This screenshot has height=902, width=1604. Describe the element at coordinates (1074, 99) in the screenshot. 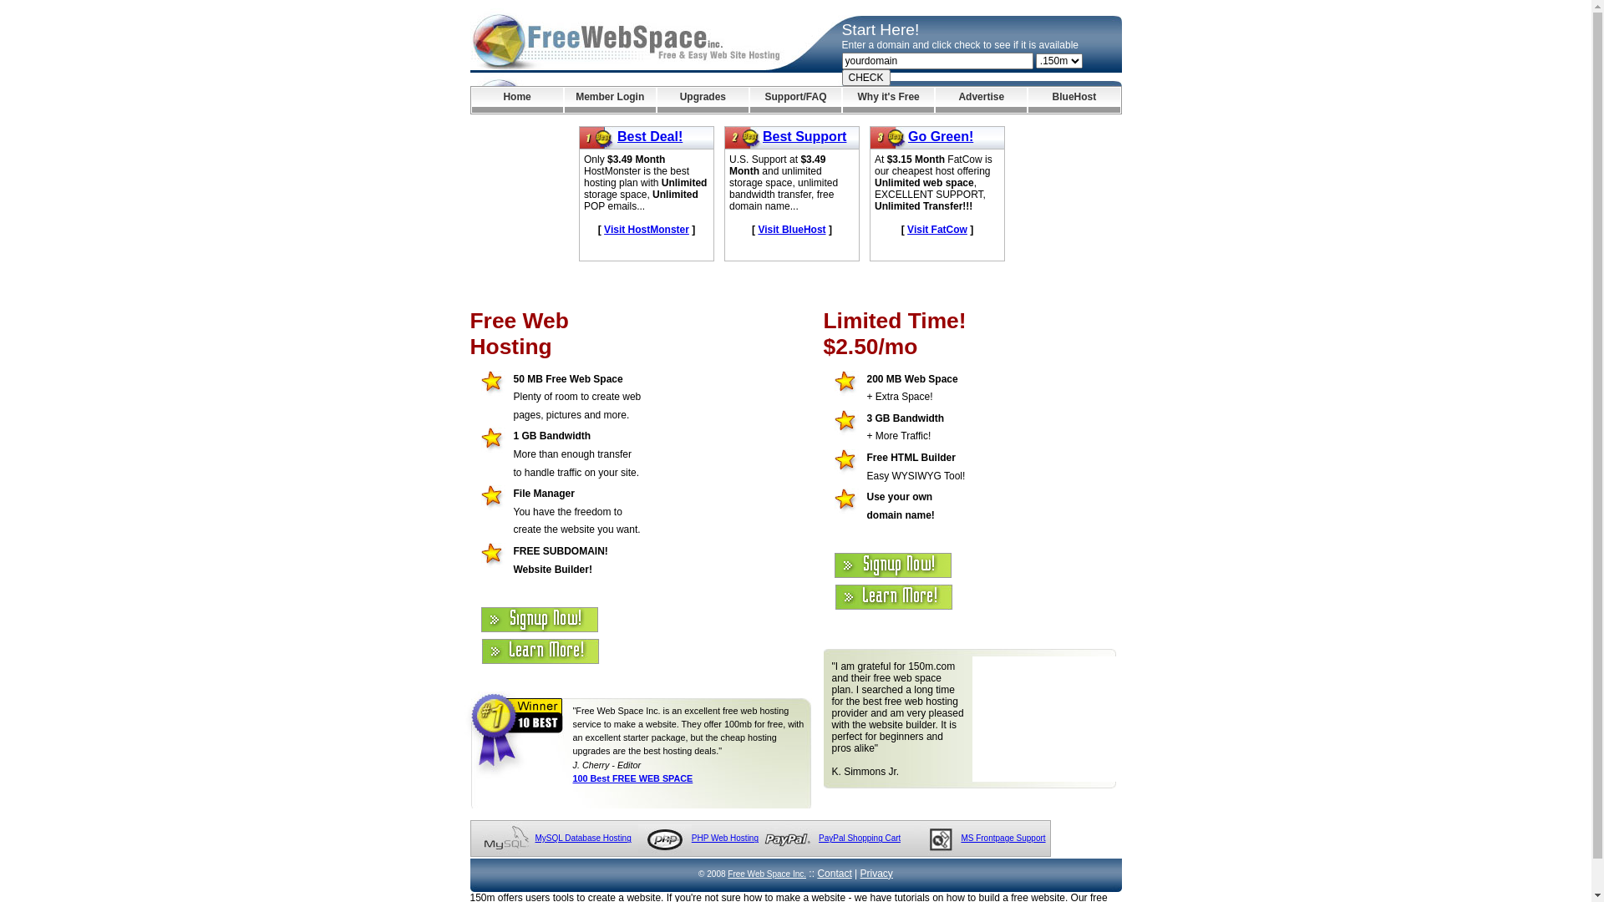

I see `'BlueHost'` at that location.